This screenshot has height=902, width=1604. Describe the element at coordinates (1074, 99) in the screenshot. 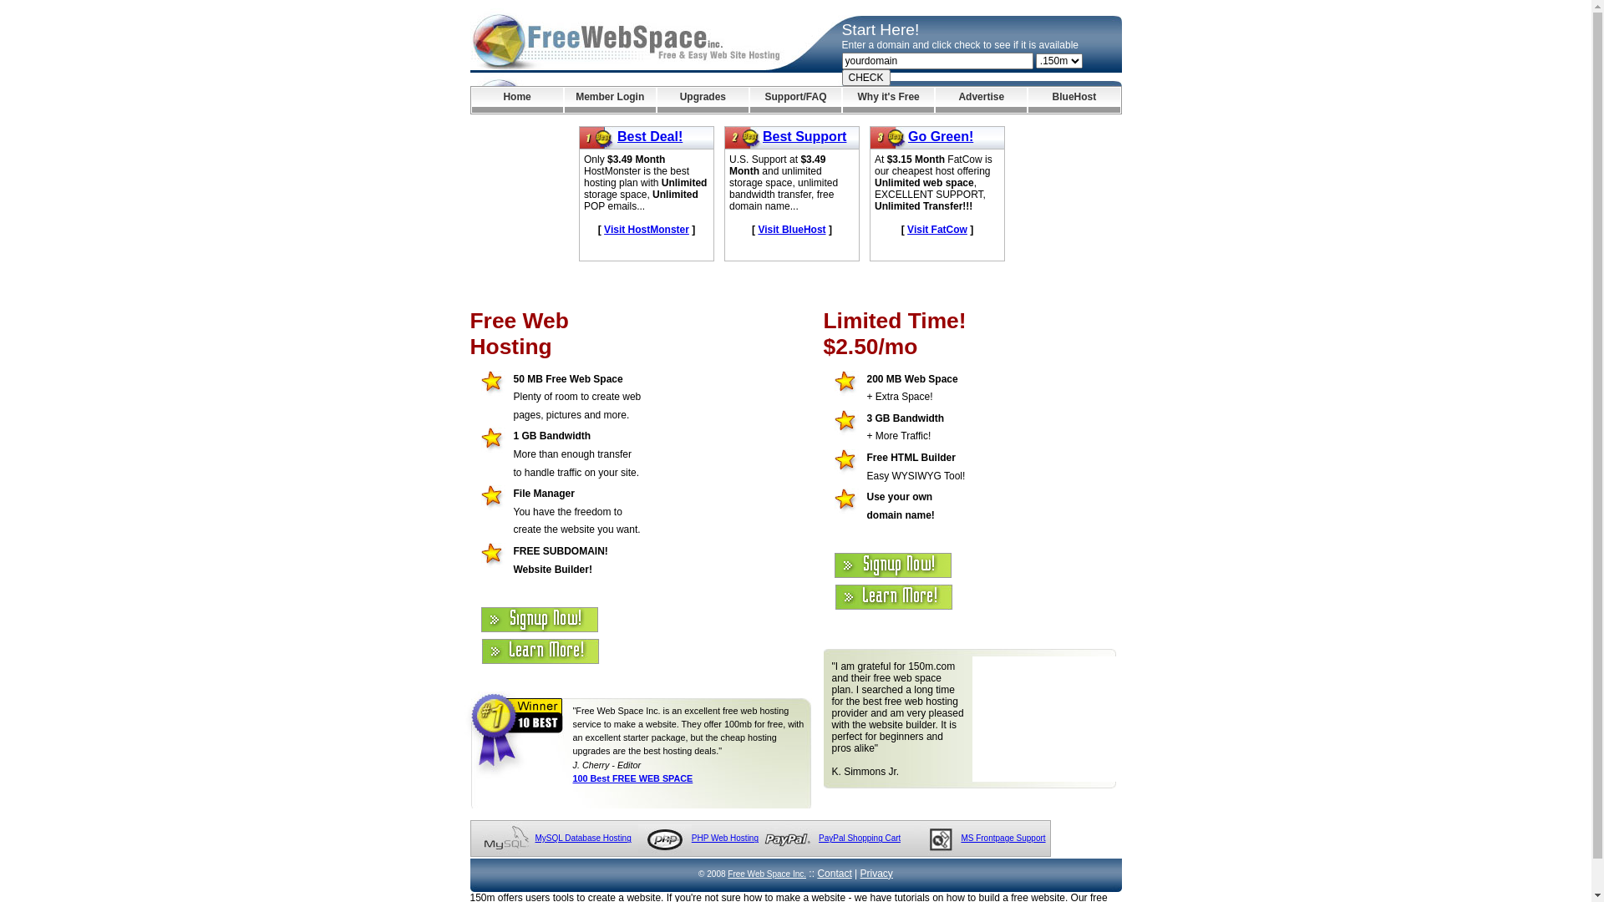

I see `'BlueHost'` at that location.